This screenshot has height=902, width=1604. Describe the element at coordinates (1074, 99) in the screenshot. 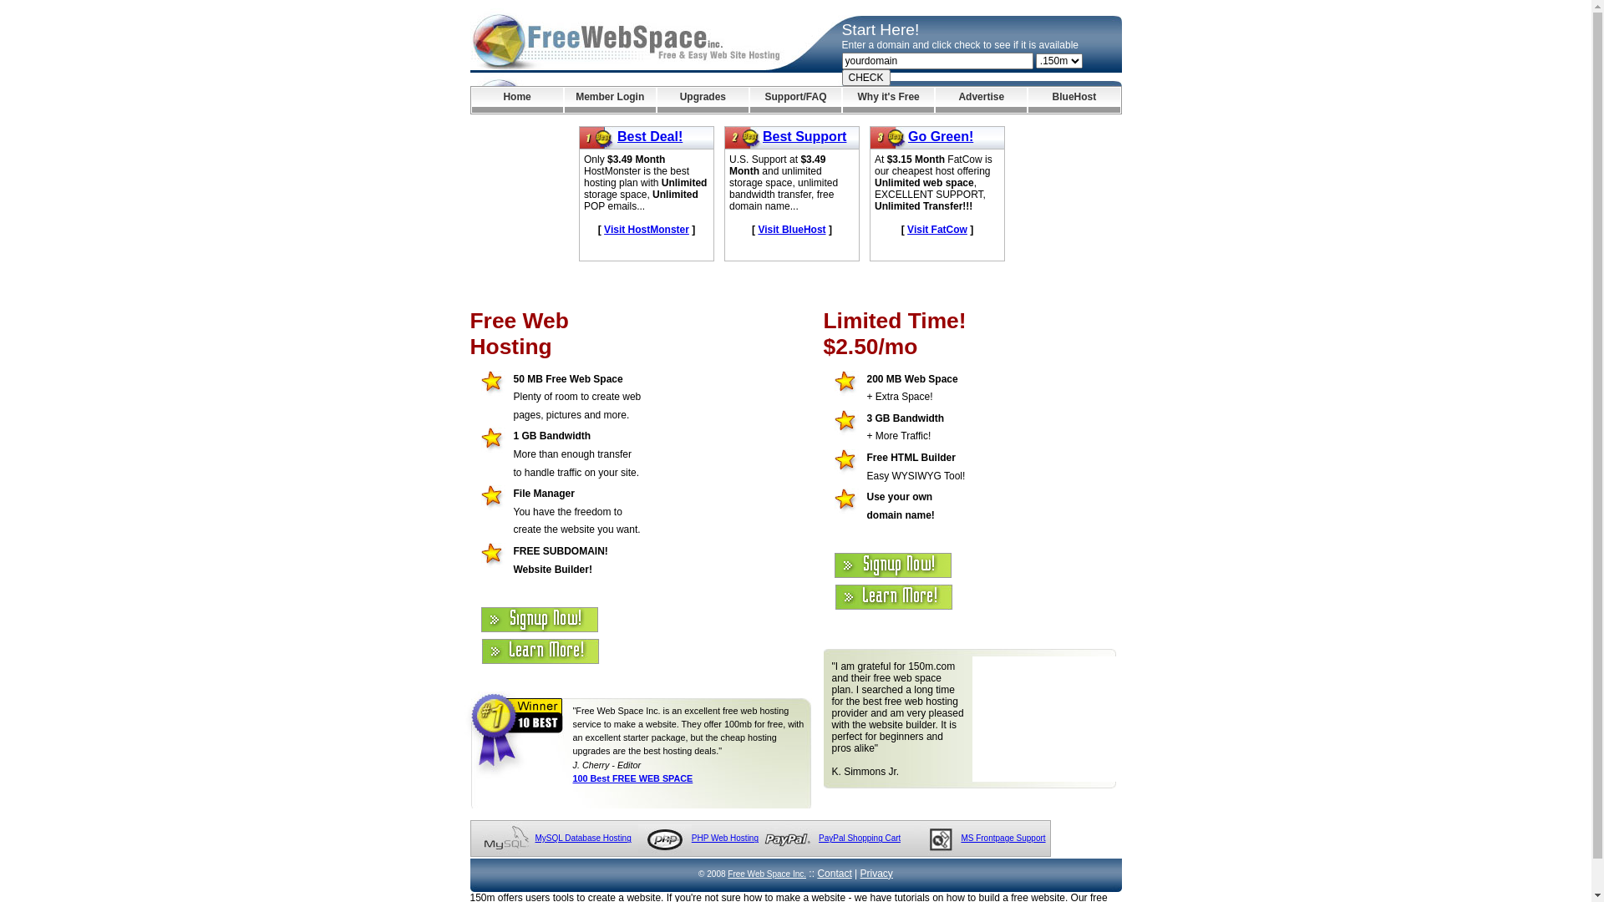

I see `'BlueHost'` at that location.